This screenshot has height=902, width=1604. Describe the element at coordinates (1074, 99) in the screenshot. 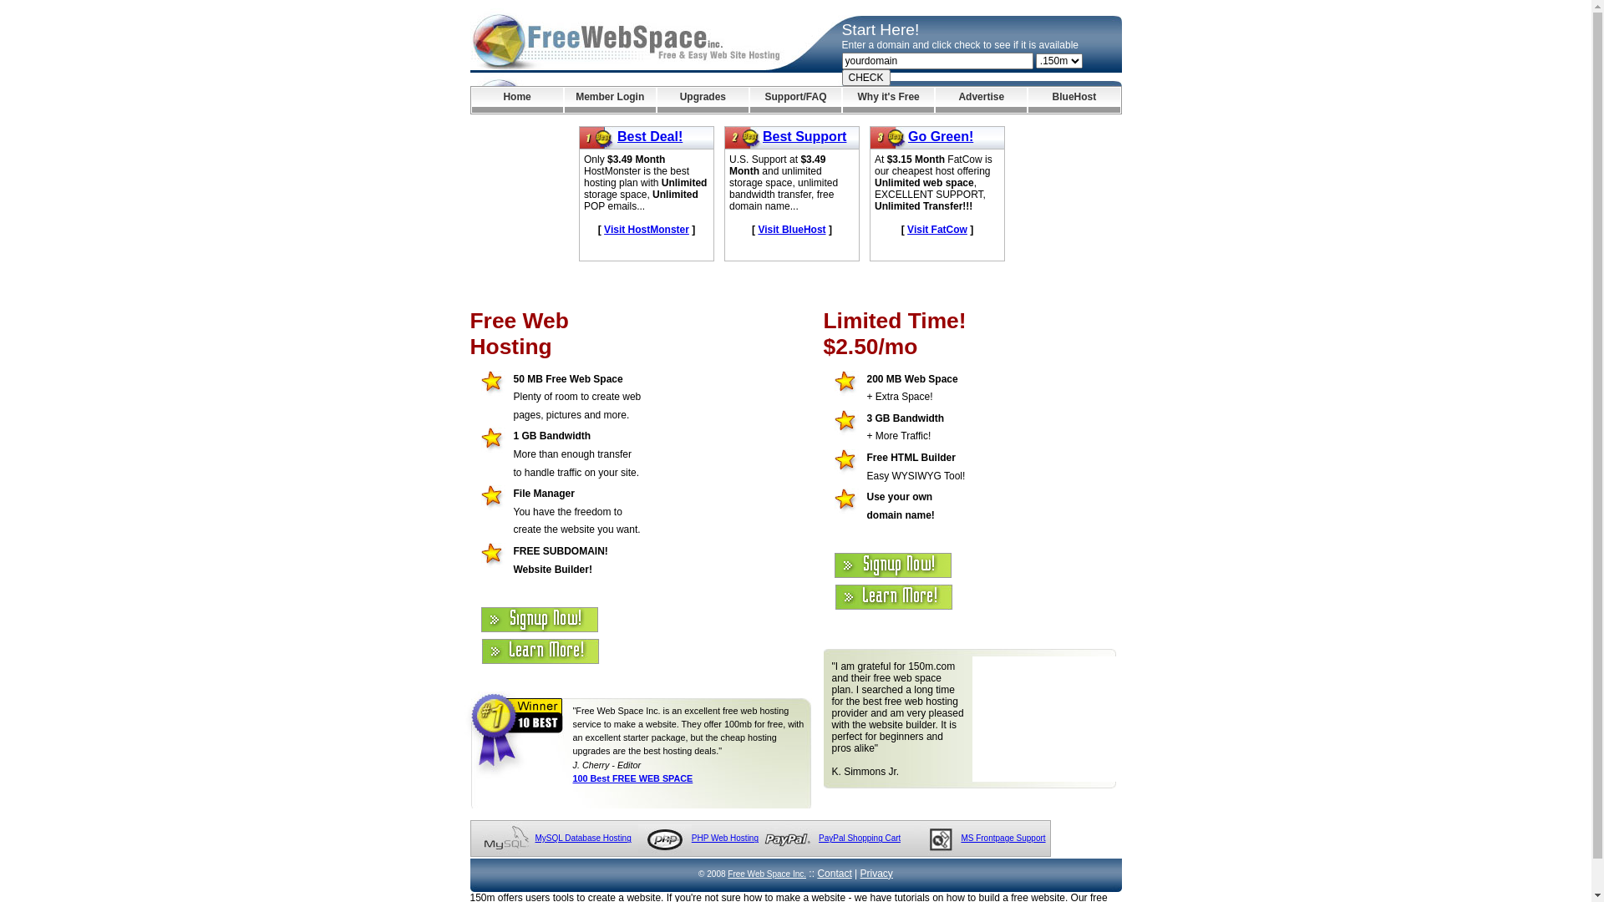

I see `'BlueHost'` at that location.